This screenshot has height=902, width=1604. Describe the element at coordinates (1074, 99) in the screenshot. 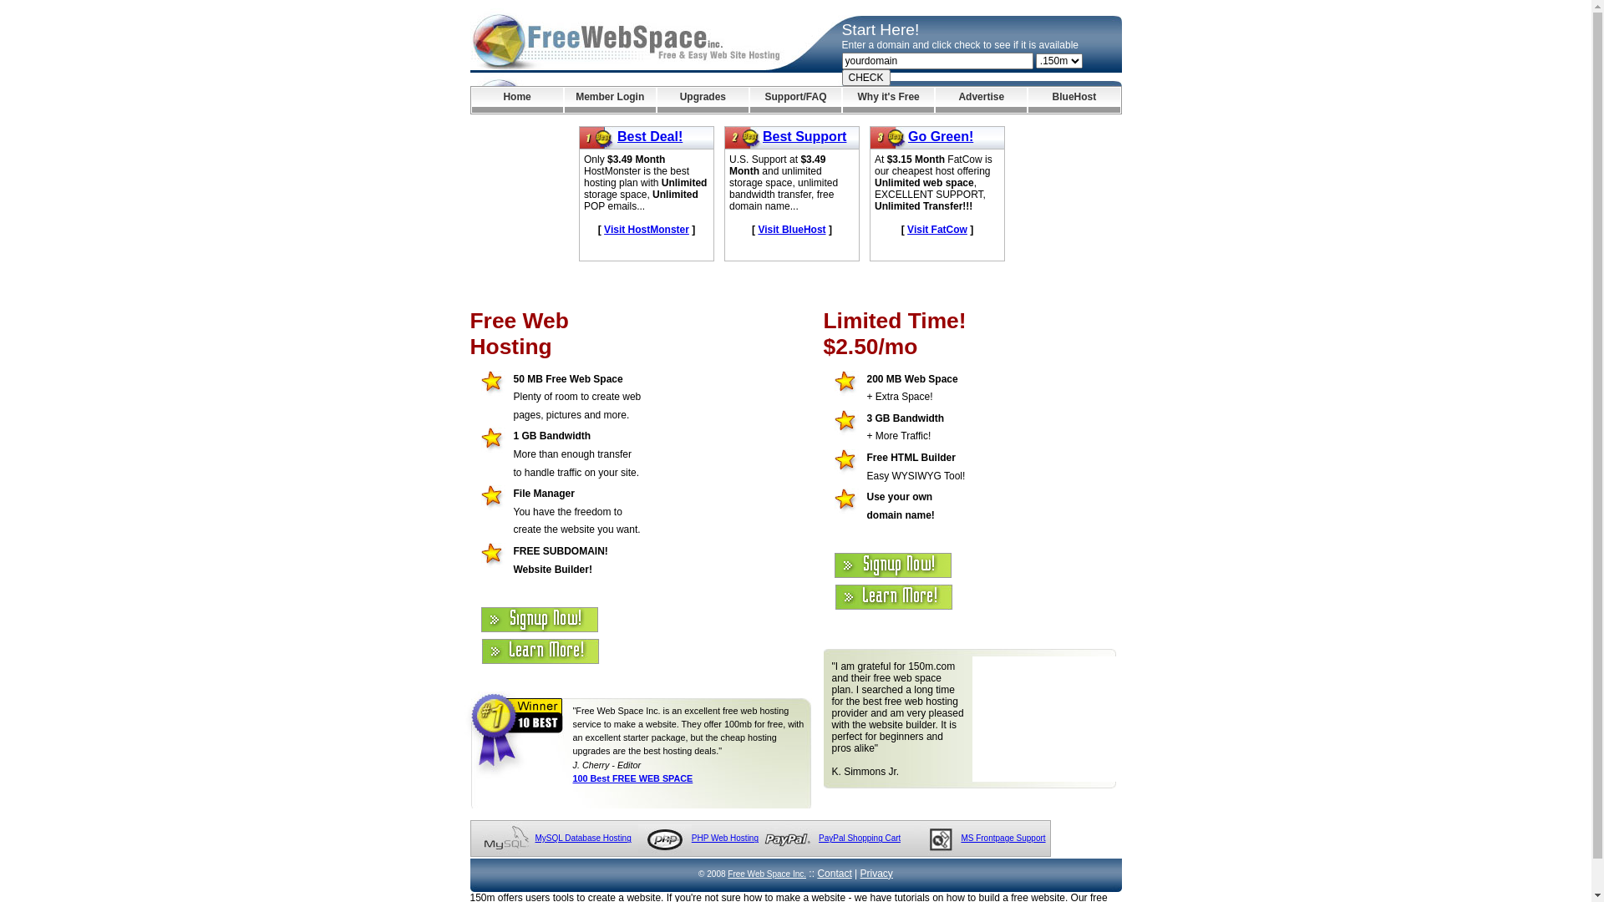

I see `'BlueHost'` at that location.